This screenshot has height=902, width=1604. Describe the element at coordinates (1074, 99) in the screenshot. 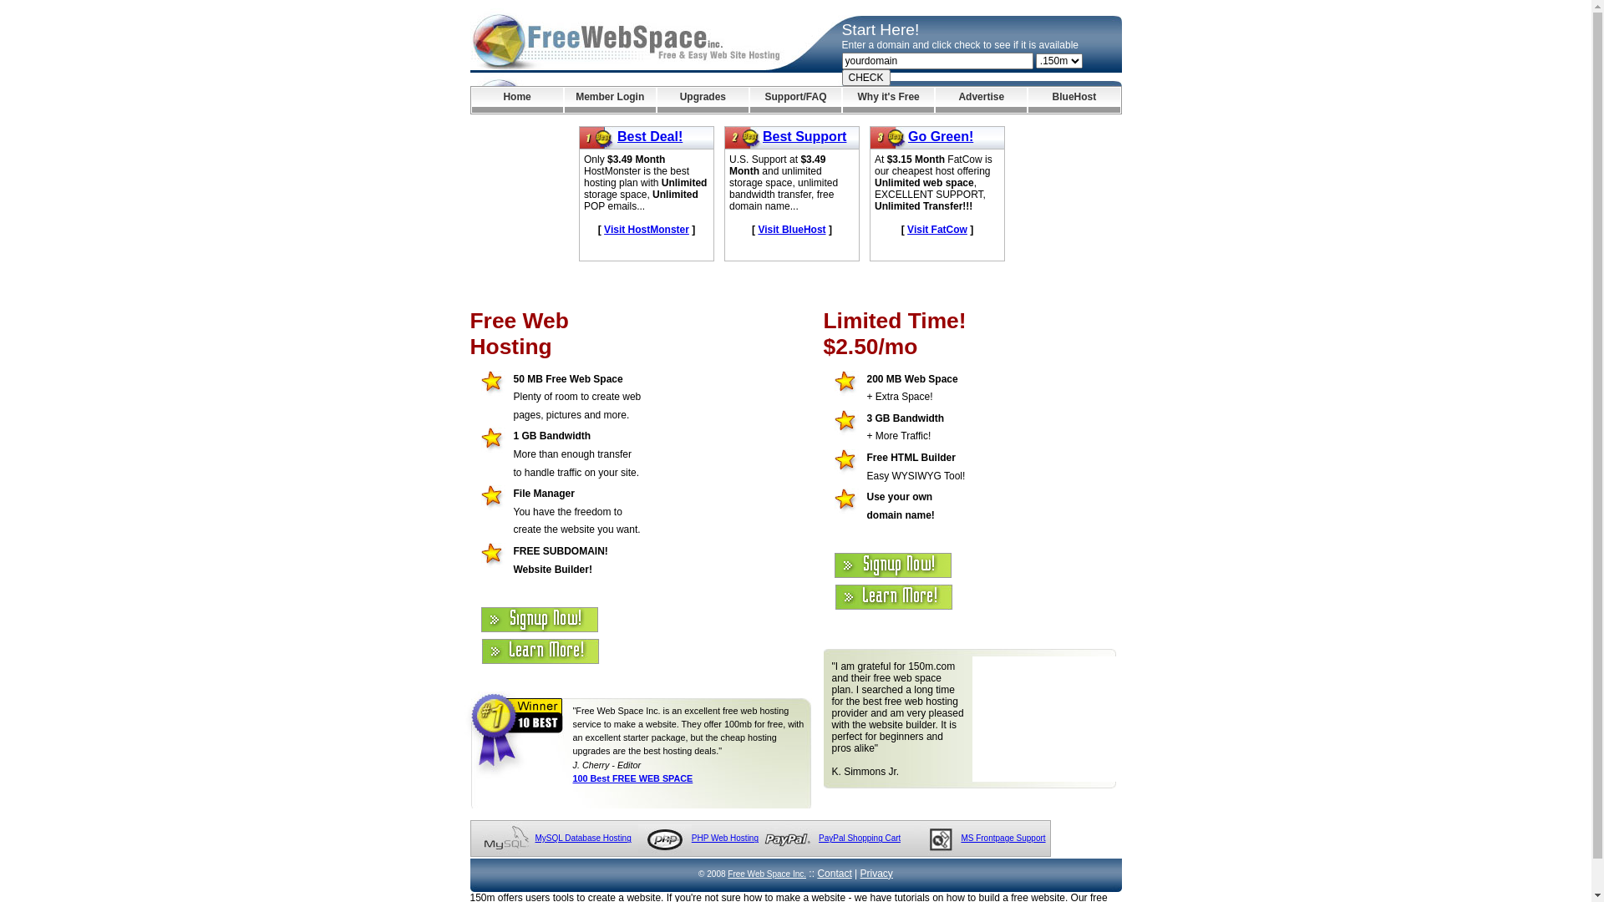

I see `'BlueHost'` at that location.